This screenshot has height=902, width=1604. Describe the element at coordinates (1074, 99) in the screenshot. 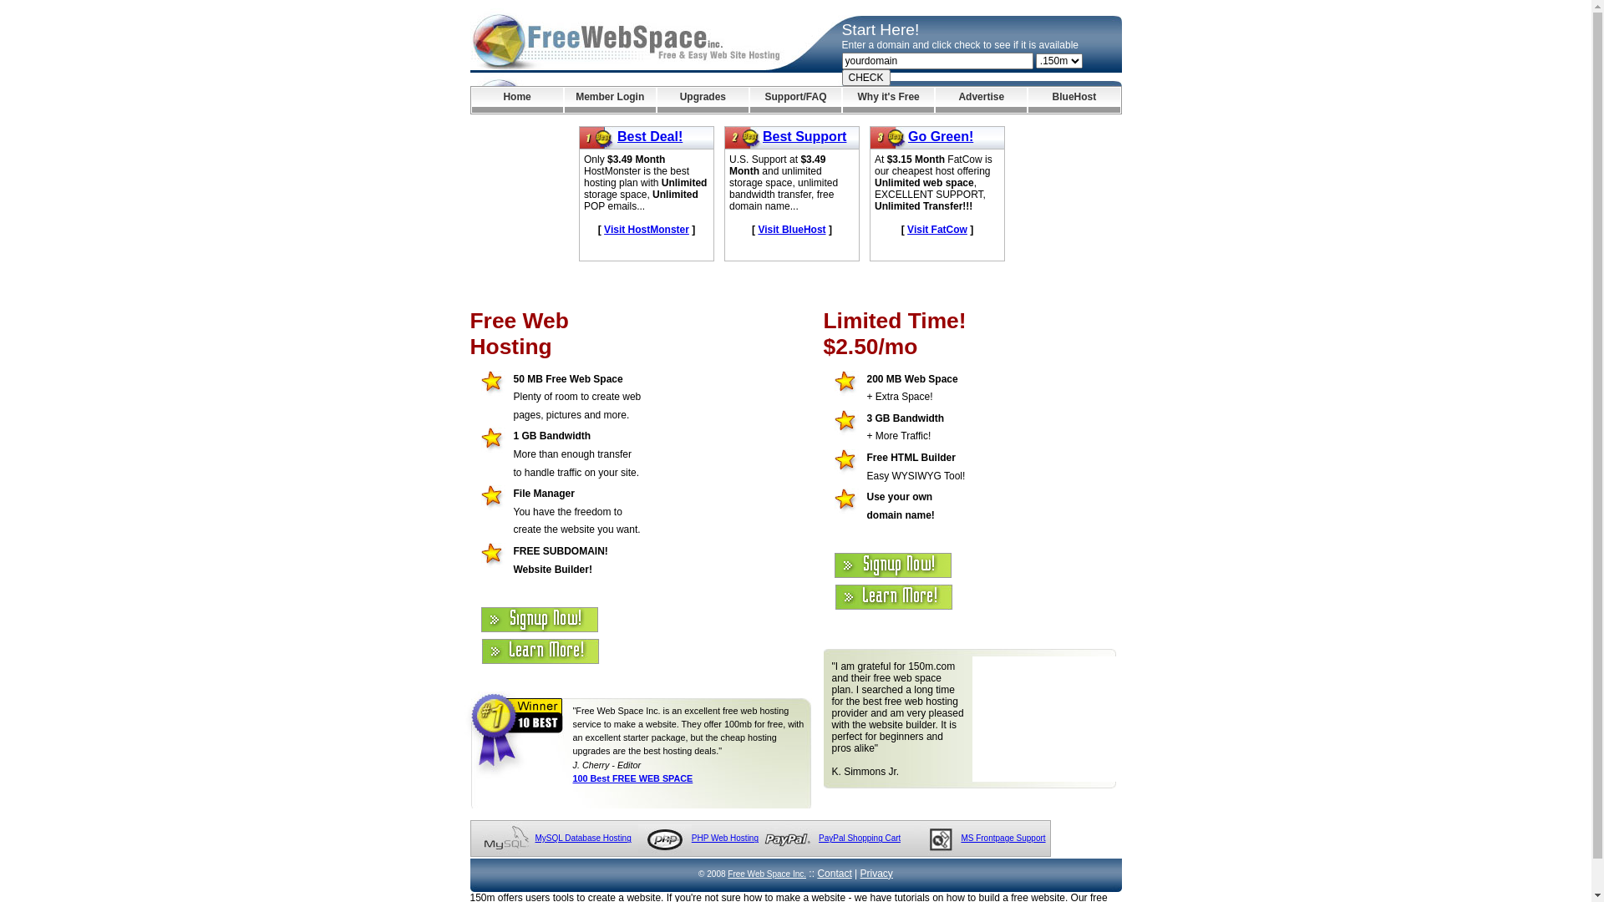

I see `'BlueHost'` at that location.